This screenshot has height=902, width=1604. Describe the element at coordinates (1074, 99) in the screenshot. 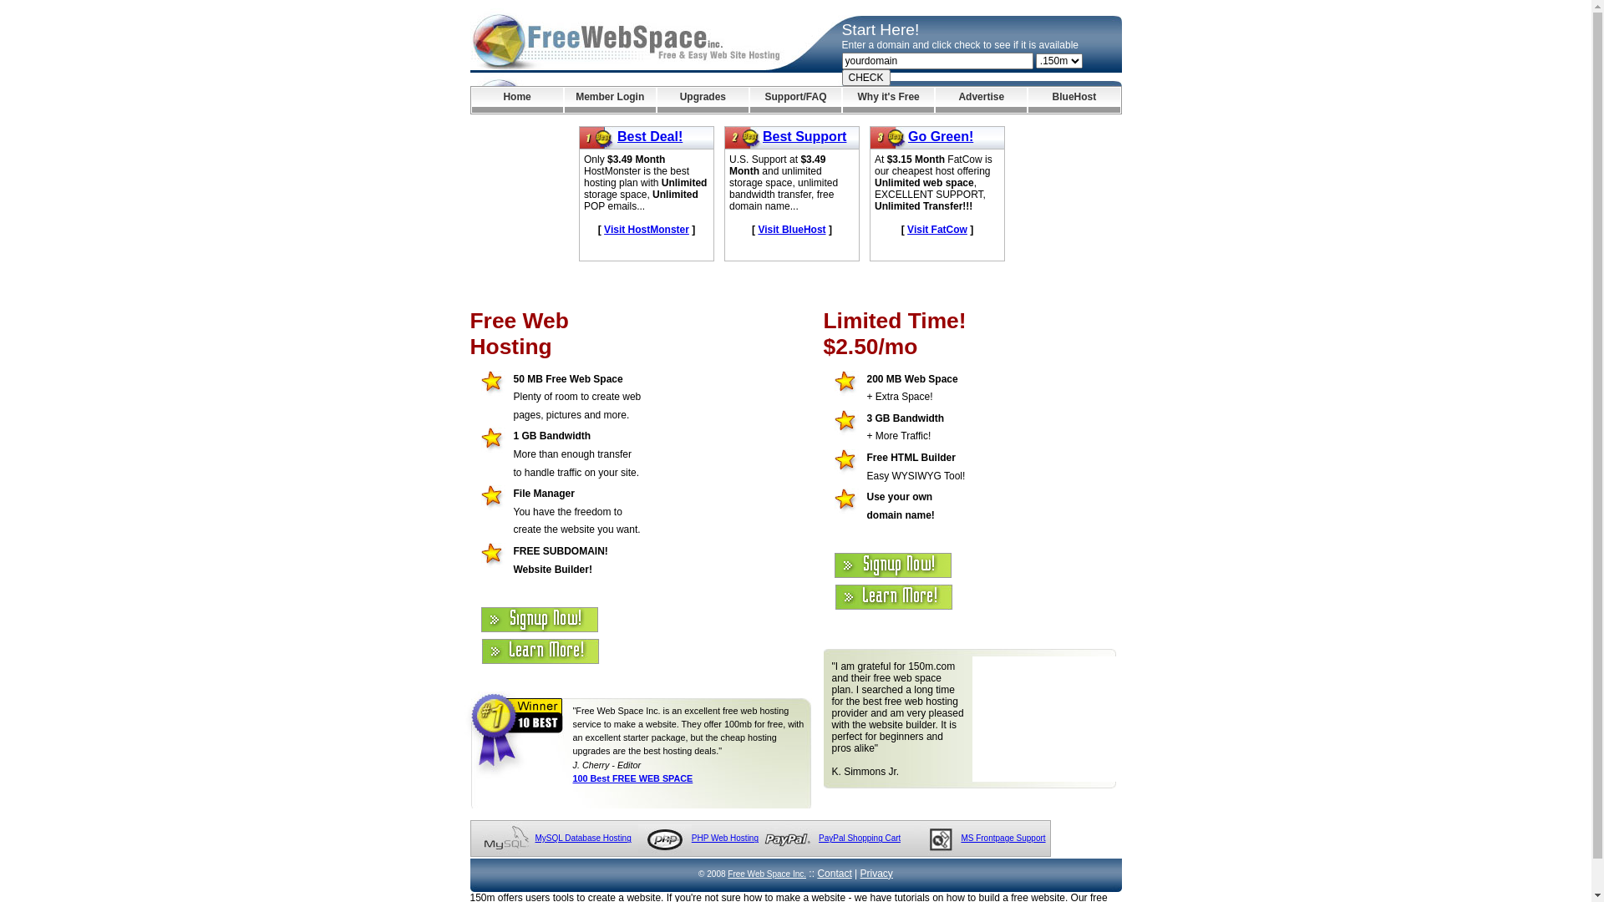

I see `'BlueHost'` at that location.